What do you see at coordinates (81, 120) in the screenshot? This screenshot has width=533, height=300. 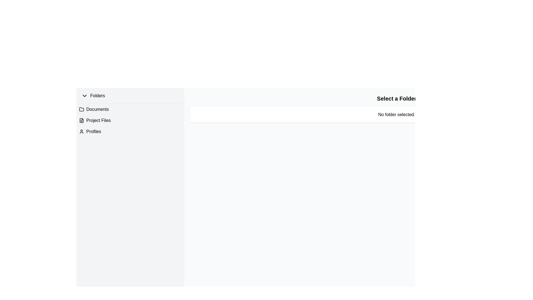 I see `the compact document icon located to the left of the 'Project Files' label in the left navigation panel` at bounding box center [81, 120].